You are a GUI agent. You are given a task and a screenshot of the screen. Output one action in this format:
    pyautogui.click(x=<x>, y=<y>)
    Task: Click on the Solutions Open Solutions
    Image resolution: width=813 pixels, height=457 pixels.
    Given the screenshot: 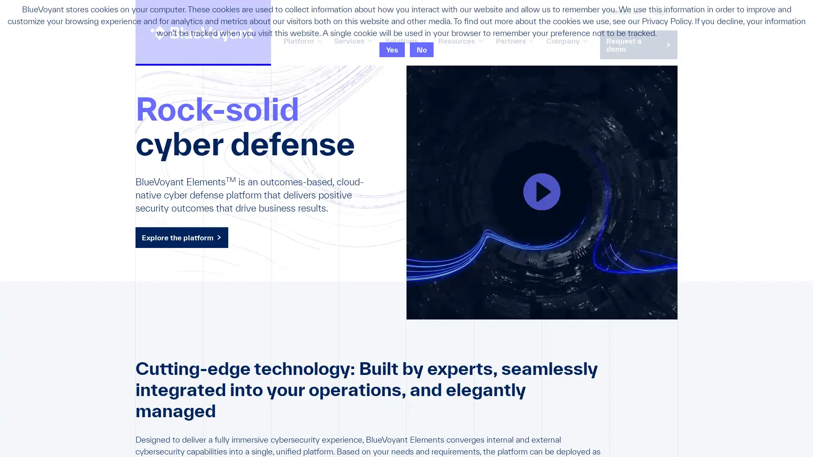 What is the action you would take?
    pyautogui.click(x=404, y=40)
    